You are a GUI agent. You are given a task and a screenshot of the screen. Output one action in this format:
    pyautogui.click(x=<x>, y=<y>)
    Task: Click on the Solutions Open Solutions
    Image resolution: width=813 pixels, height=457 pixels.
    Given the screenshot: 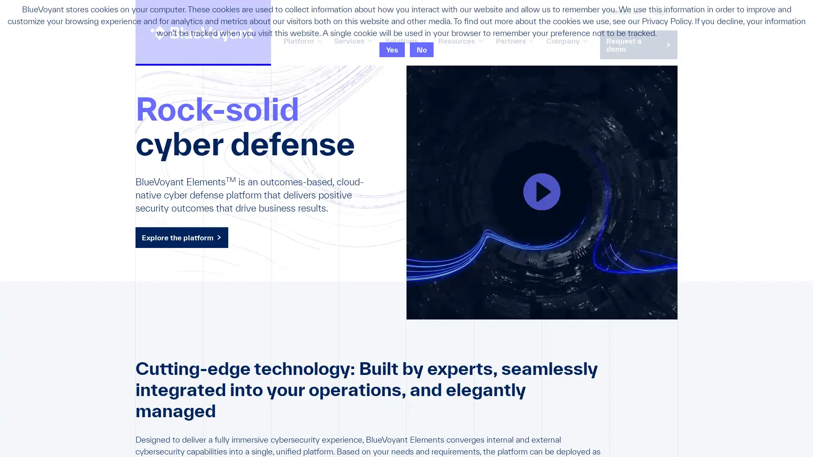 What is the action you would take?
    pyautogui.click(x=404, y=40)
    